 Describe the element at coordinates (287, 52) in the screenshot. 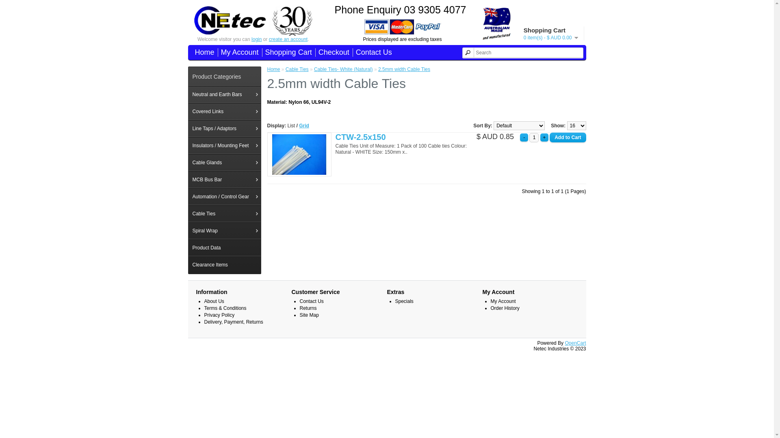

I see `'Shopping Cart'` at that location.